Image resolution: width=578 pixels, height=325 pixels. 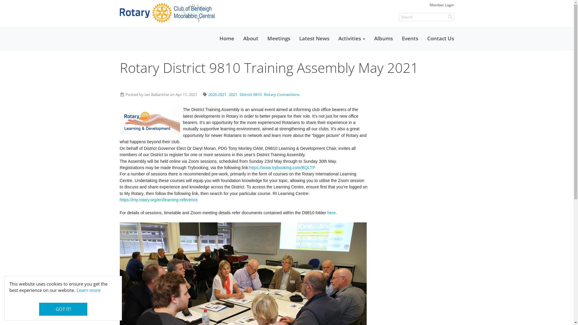 What do you see at coordinates (250, 94) in the screenshot?
I see `'District 9810'` at bounding box center [250, 94].